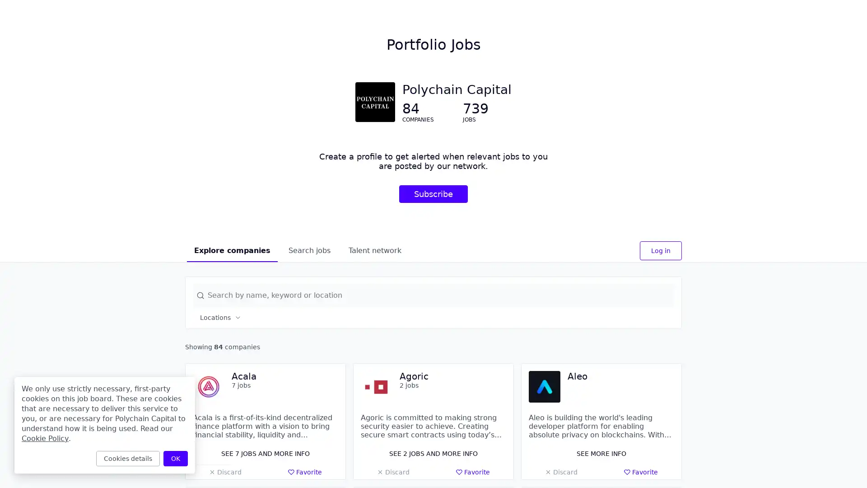 This screenshot has width=867, height=488. I want to click on Discard, so click(225, 472).